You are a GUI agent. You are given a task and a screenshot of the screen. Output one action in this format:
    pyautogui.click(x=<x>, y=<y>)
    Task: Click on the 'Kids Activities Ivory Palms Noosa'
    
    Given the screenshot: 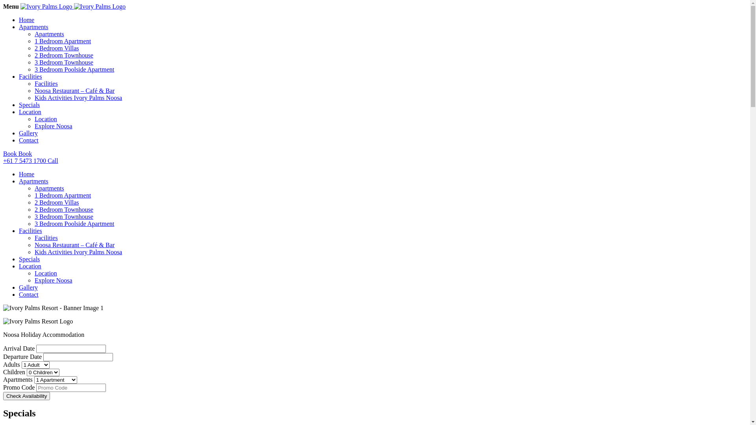 What is the action you would take?
    pyautogui.click(x=34, y=97)
    